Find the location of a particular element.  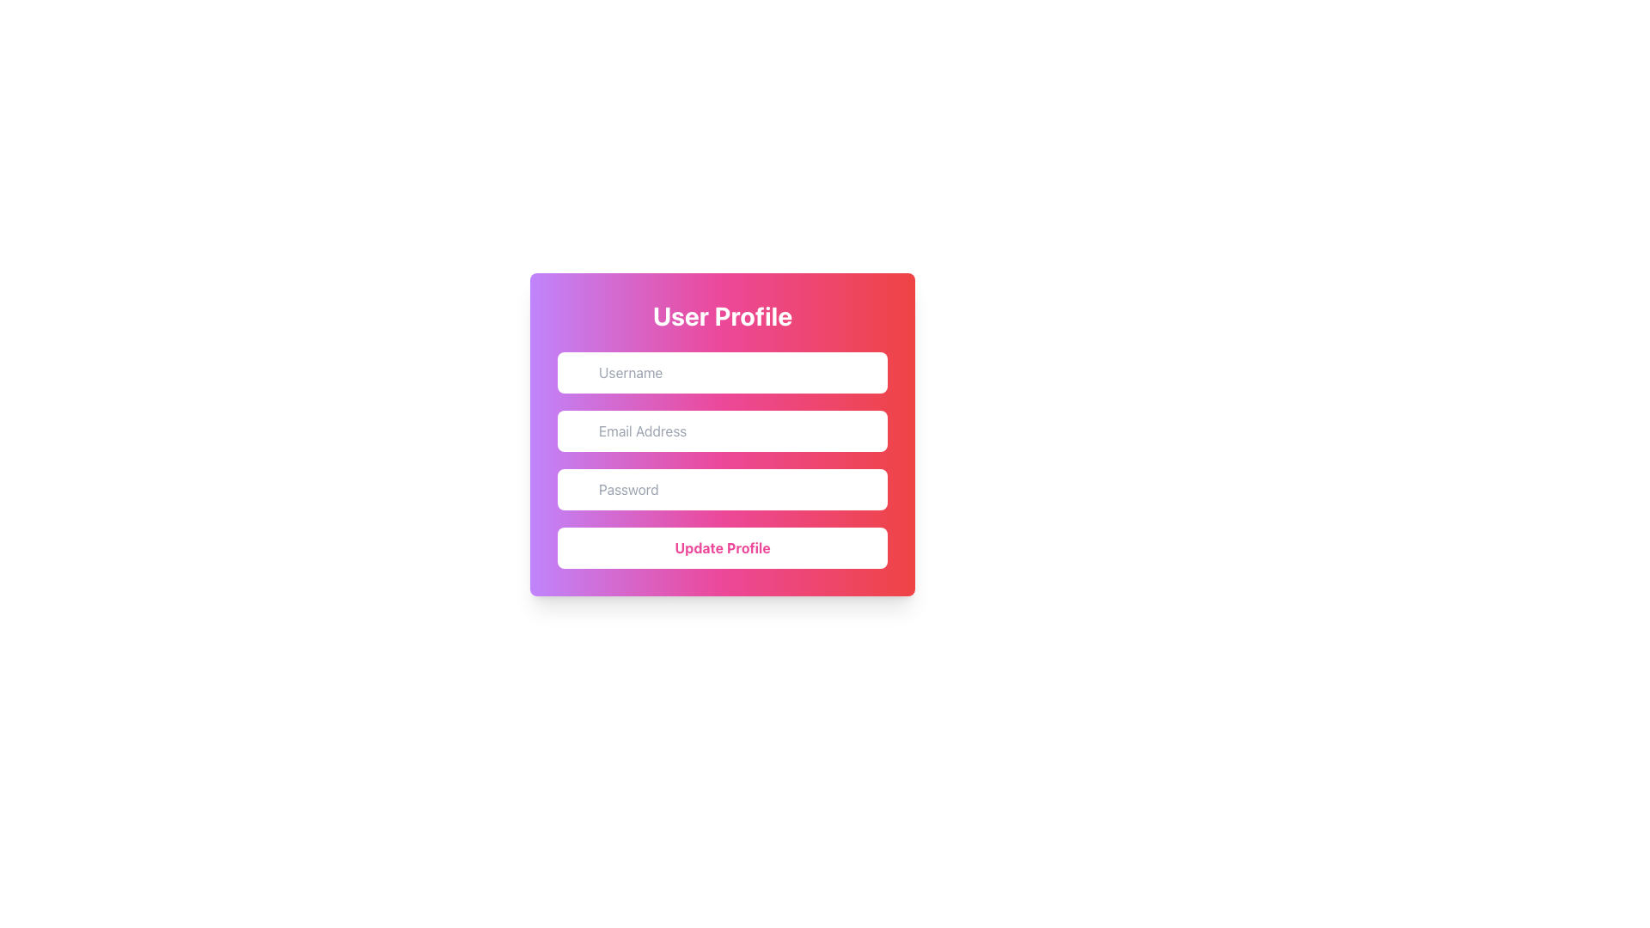

the Text (Heading) element that represents the title of the user profile interface, located at the top of the form card is located at coordinates (722, 315).